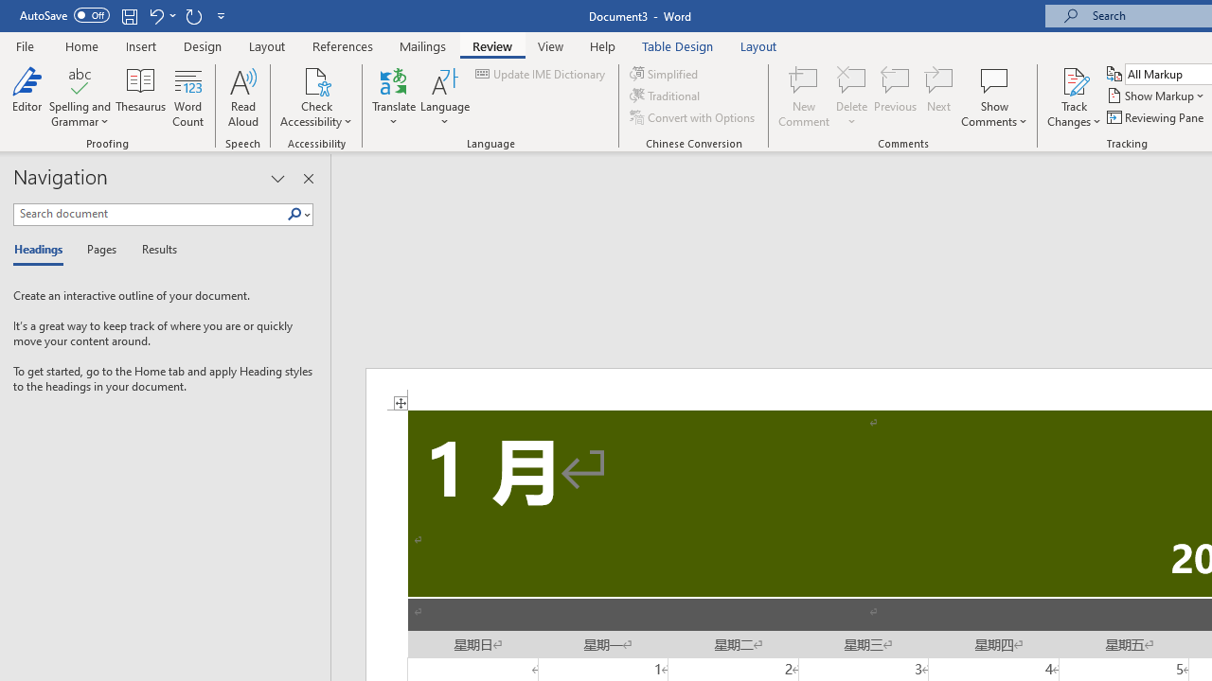  I want to click on 'Show Comments', so click(993, 97).